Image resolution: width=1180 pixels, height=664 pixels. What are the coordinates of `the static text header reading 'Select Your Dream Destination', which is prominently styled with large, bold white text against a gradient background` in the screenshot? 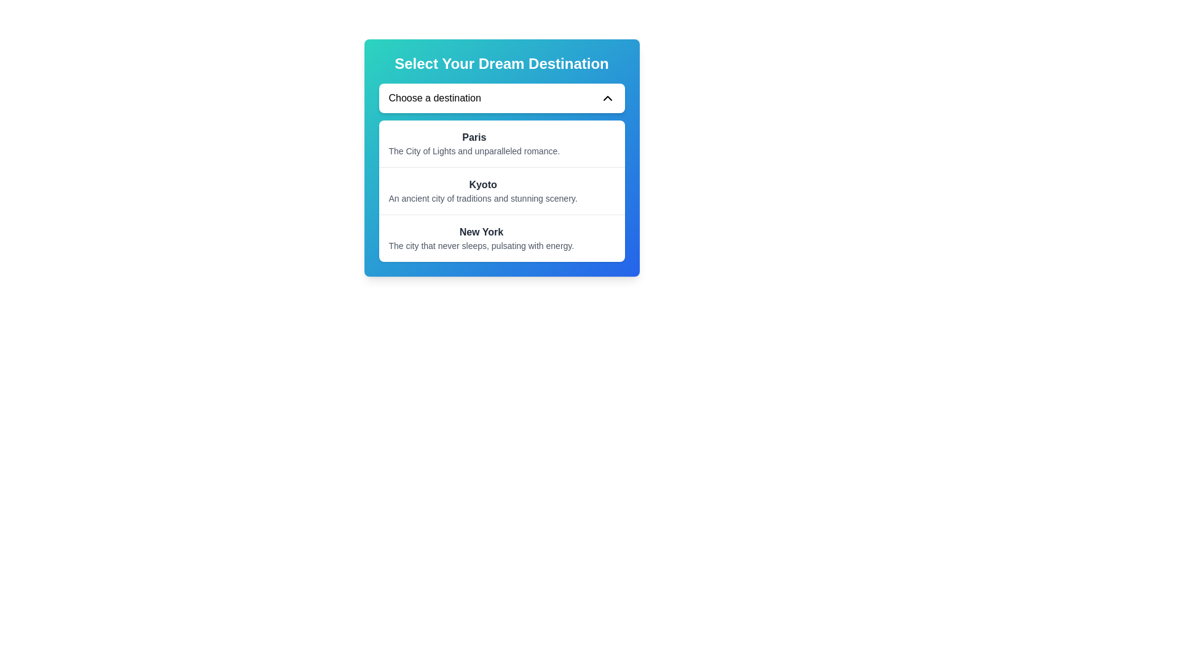 It's located at (502, 64).